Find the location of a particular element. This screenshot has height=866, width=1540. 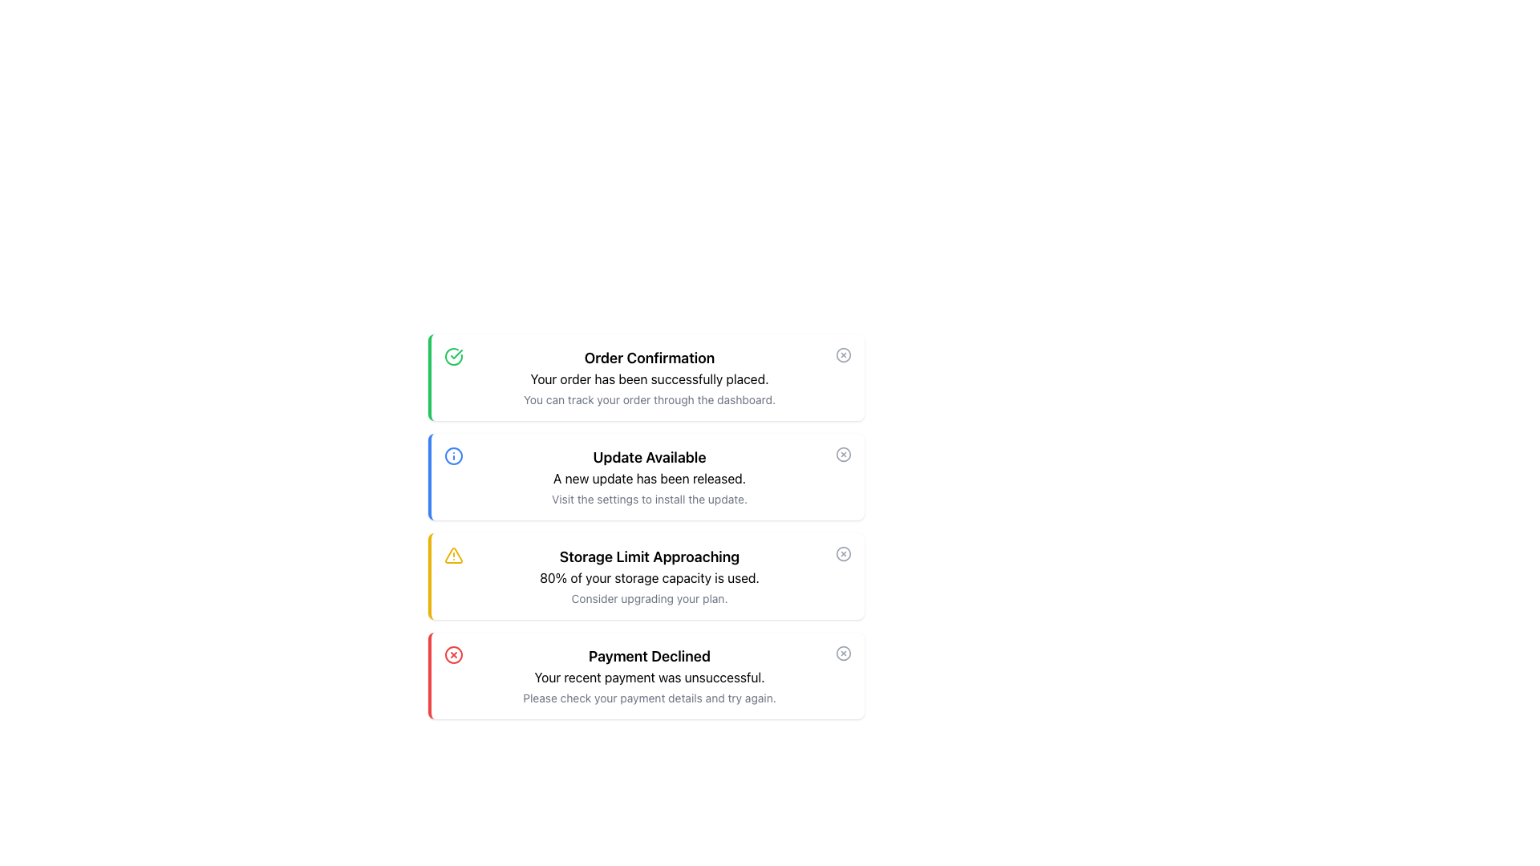

the text notification "80% of your storage capacity is used" located within the yellow-bordered card labeled "Storage Limit Approaching" is located at coordinates (650, 578).